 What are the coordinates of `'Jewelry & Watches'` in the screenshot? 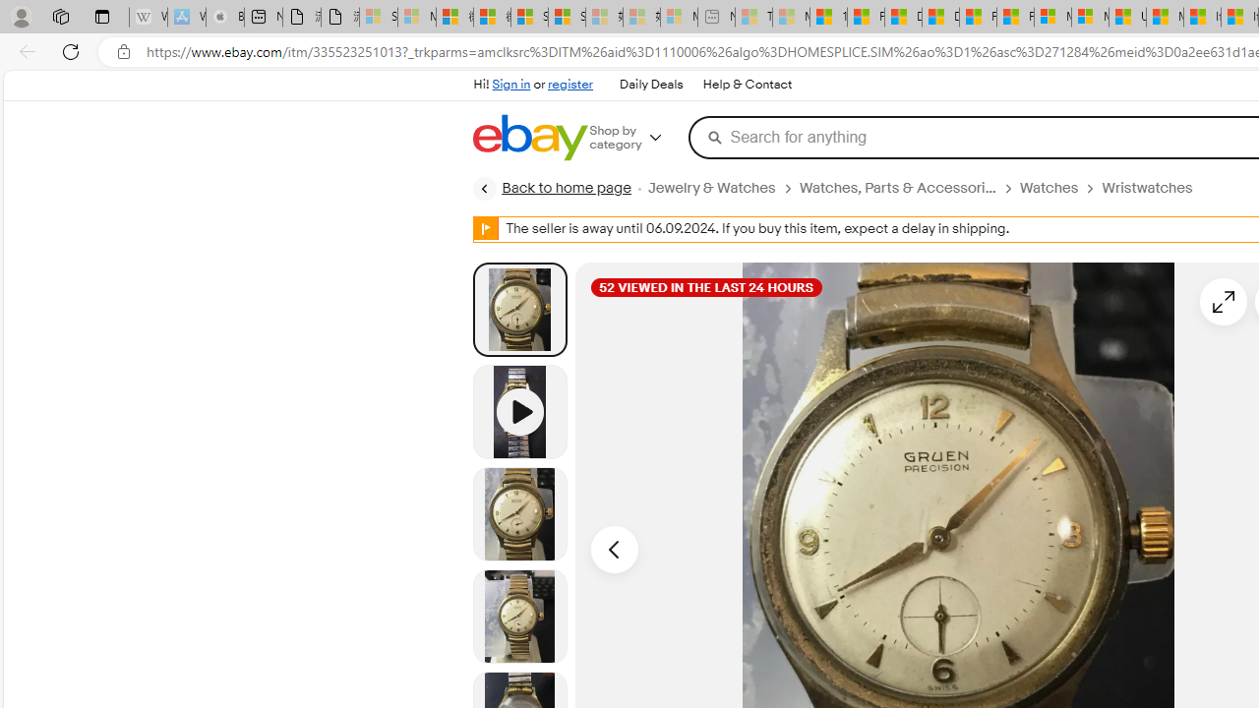 It's located at (722, 188).